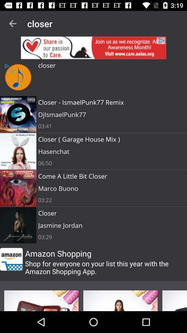 The width and height of the screenshot is (187, 333). I want to click on amazon app, so click(11, 259).